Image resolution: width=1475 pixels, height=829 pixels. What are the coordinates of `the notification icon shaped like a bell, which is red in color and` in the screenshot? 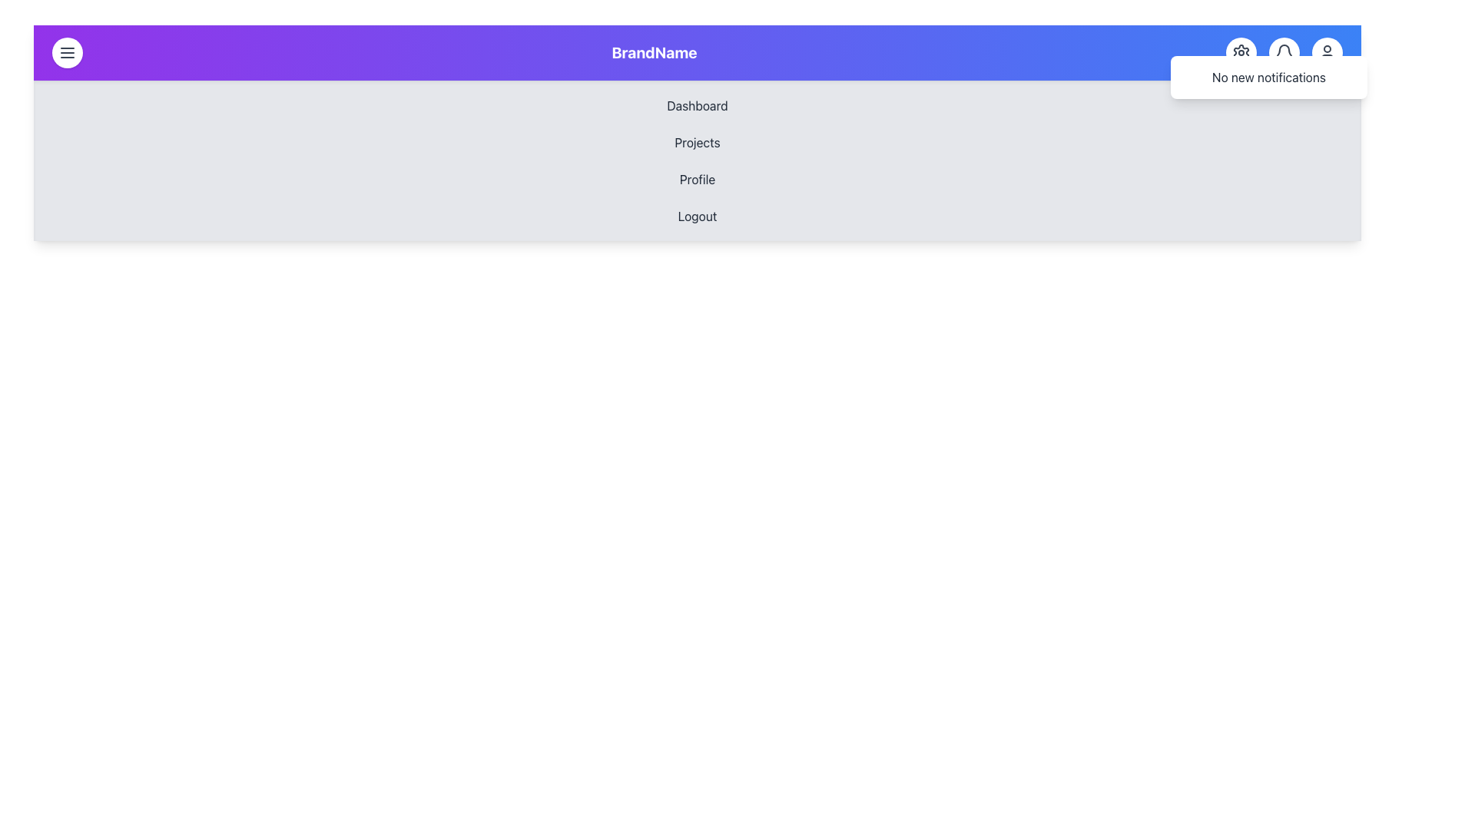 It's located at (1284, 50).